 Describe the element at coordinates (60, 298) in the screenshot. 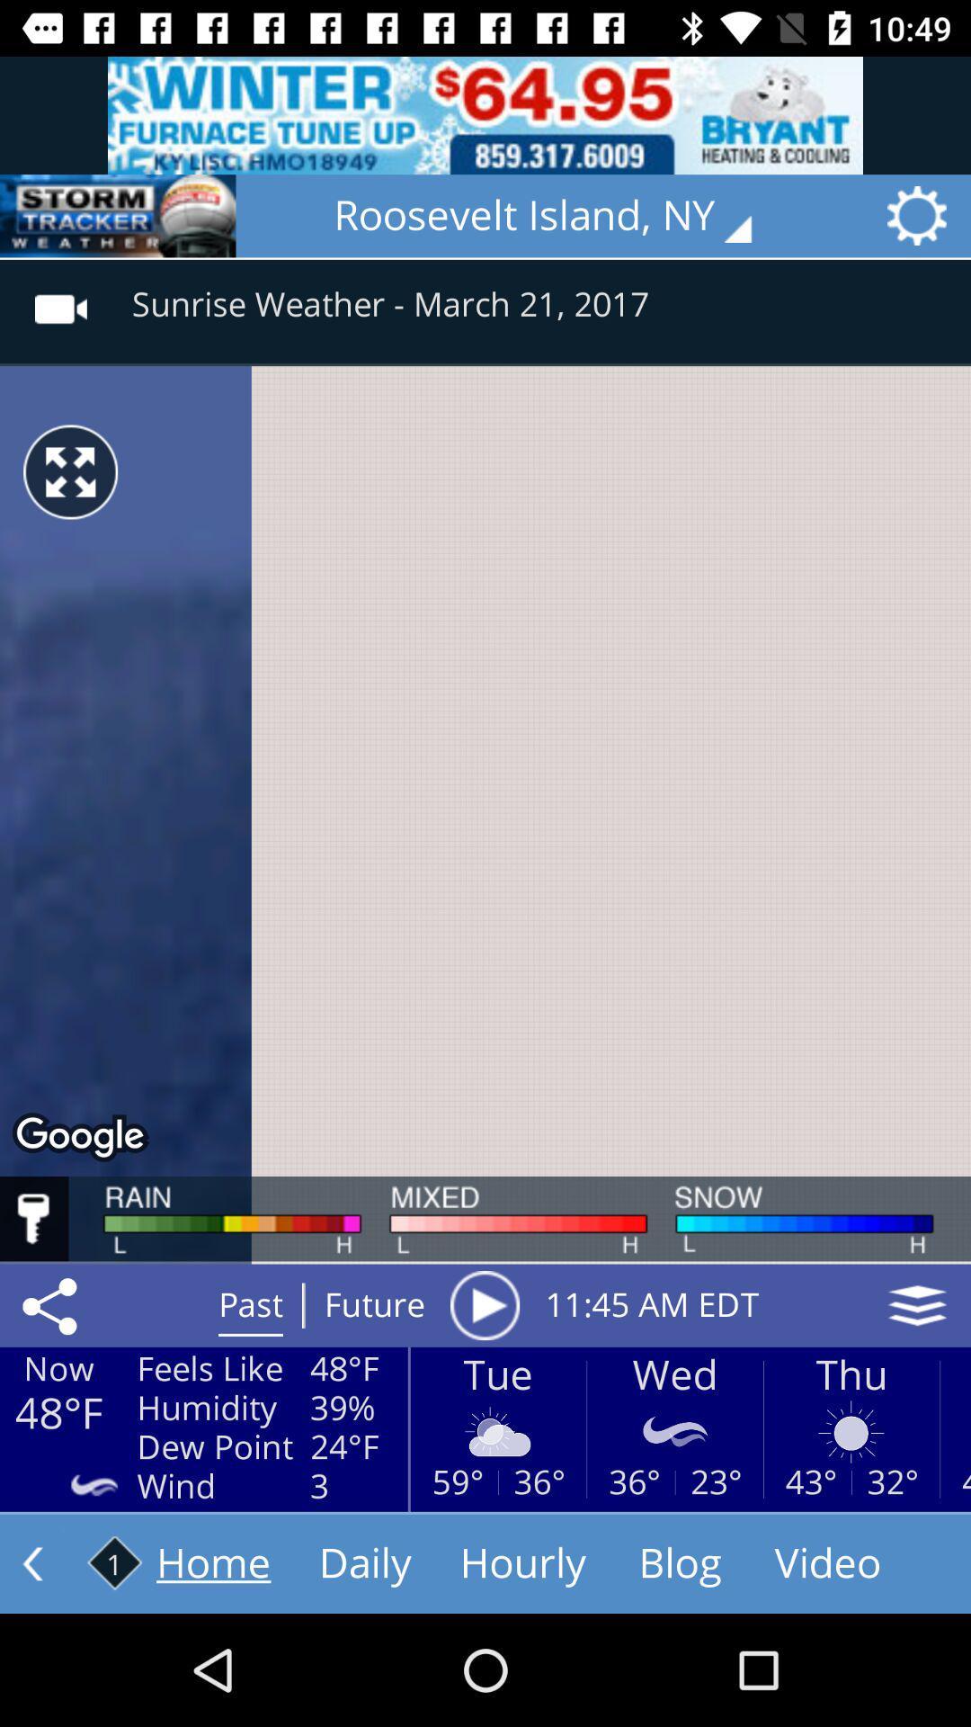

I see `the video icon` at that location.